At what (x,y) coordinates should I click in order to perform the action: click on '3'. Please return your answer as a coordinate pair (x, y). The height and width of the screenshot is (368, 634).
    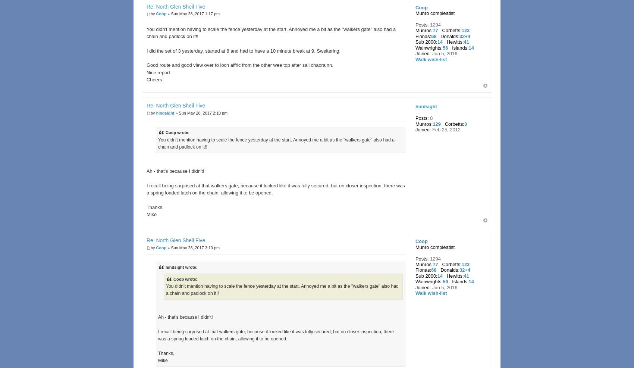
    Looking at the image, I should click on (465, 123).